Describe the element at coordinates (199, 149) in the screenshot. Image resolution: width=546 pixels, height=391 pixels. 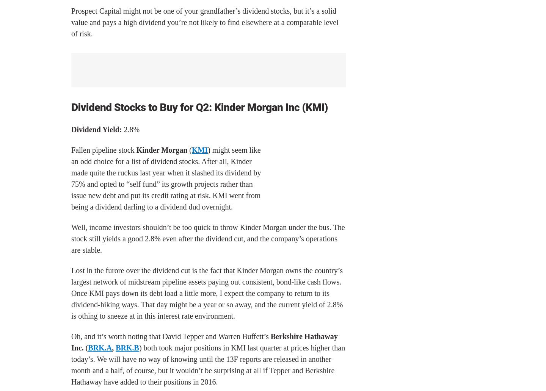
I see `'KMI'` at that location.